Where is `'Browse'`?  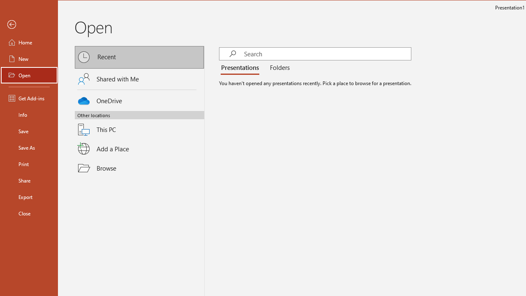
'Browse' is located at coordinates (139, 168).